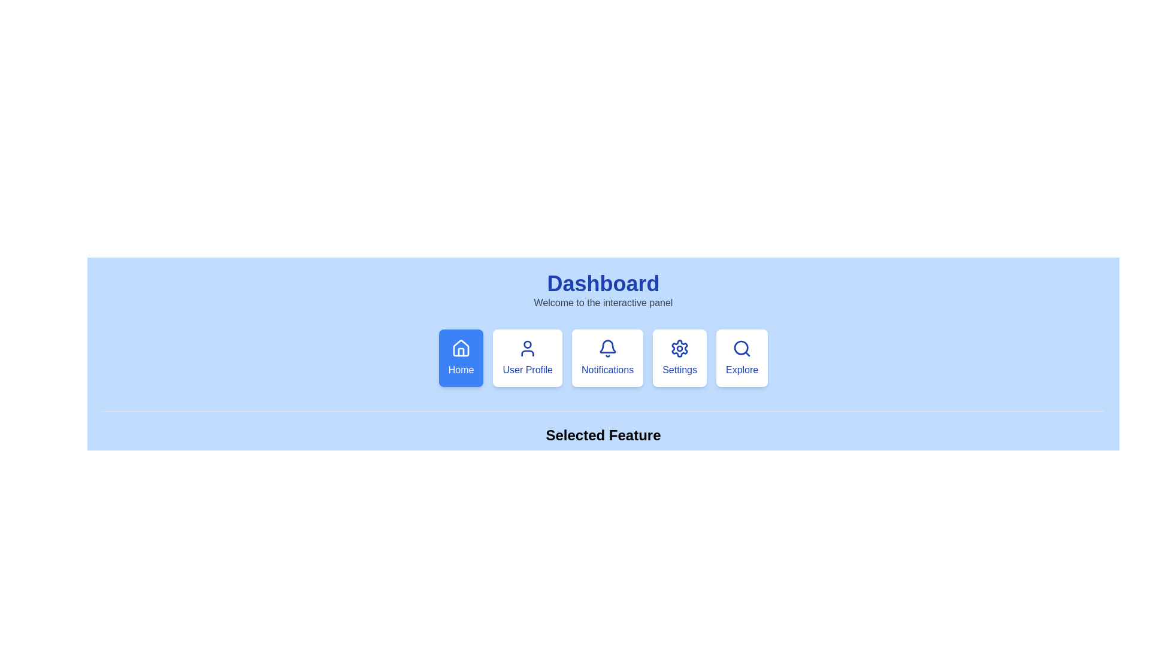  I want to click on the 'Home' button icon, which is the first button in the horizontally aligned menu beneath the 'Dashboard' title, so click(461, 349).